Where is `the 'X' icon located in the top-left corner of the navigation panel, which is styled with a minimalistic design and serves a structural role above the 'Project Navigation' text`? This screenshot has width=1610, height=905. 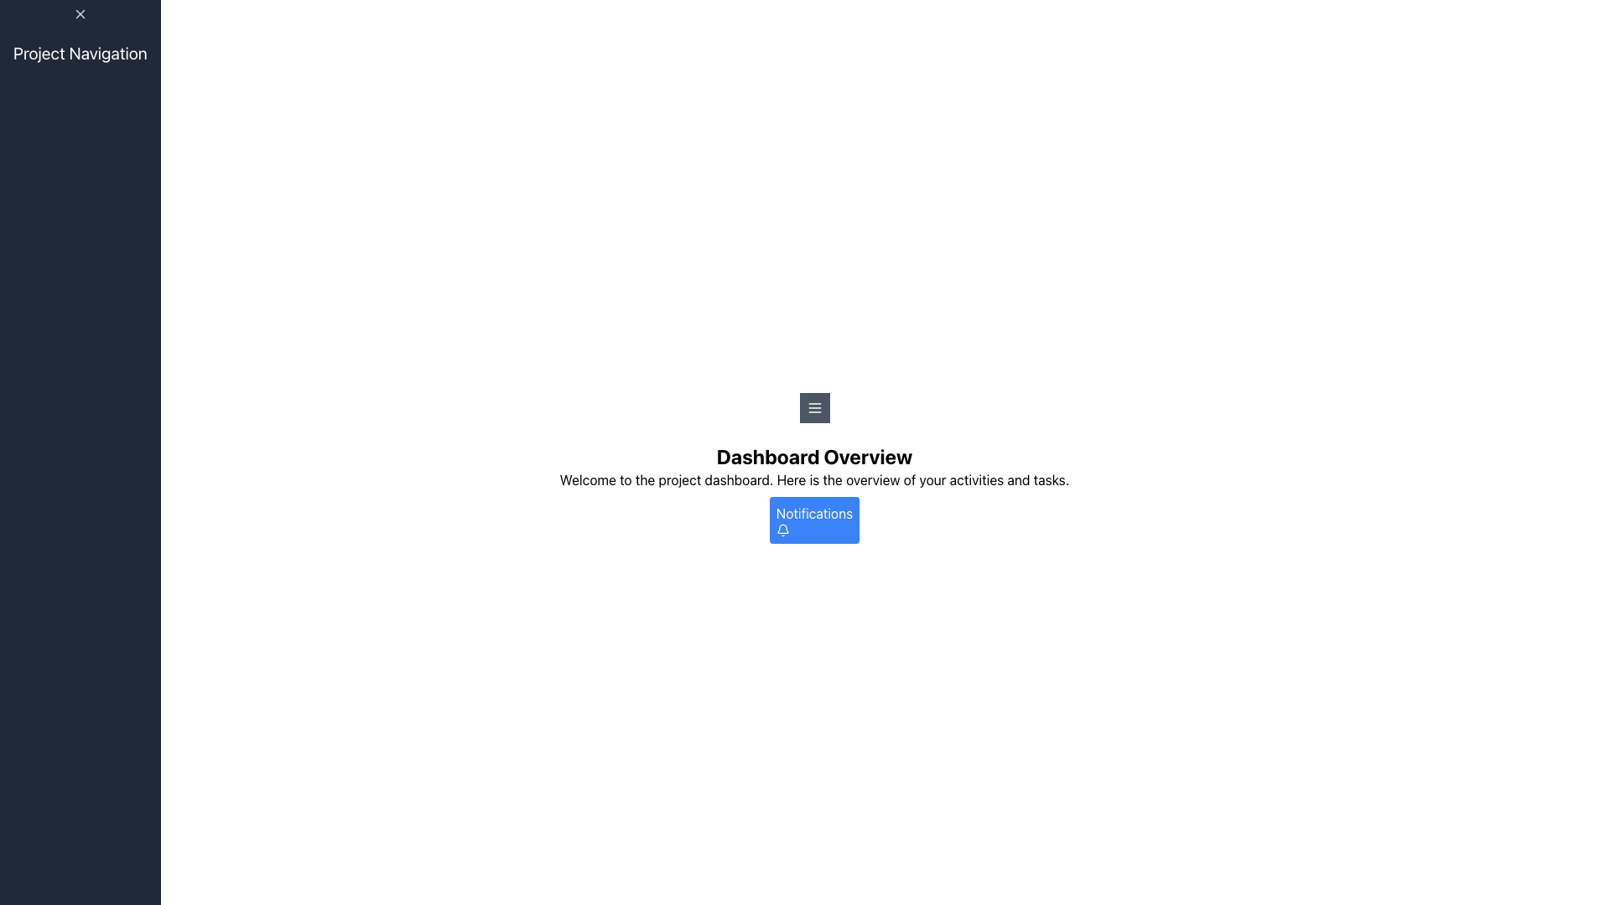 the 'X' icon located in the top-left corner of the navigation panel, which is styled with a minimalistic design and serves a structural role above the 'Project Navigation' text is located at coordinates (79, 13).